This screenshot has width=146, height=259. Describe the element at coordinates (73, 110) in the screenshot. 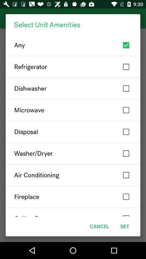

I see `the microwave` at that location.